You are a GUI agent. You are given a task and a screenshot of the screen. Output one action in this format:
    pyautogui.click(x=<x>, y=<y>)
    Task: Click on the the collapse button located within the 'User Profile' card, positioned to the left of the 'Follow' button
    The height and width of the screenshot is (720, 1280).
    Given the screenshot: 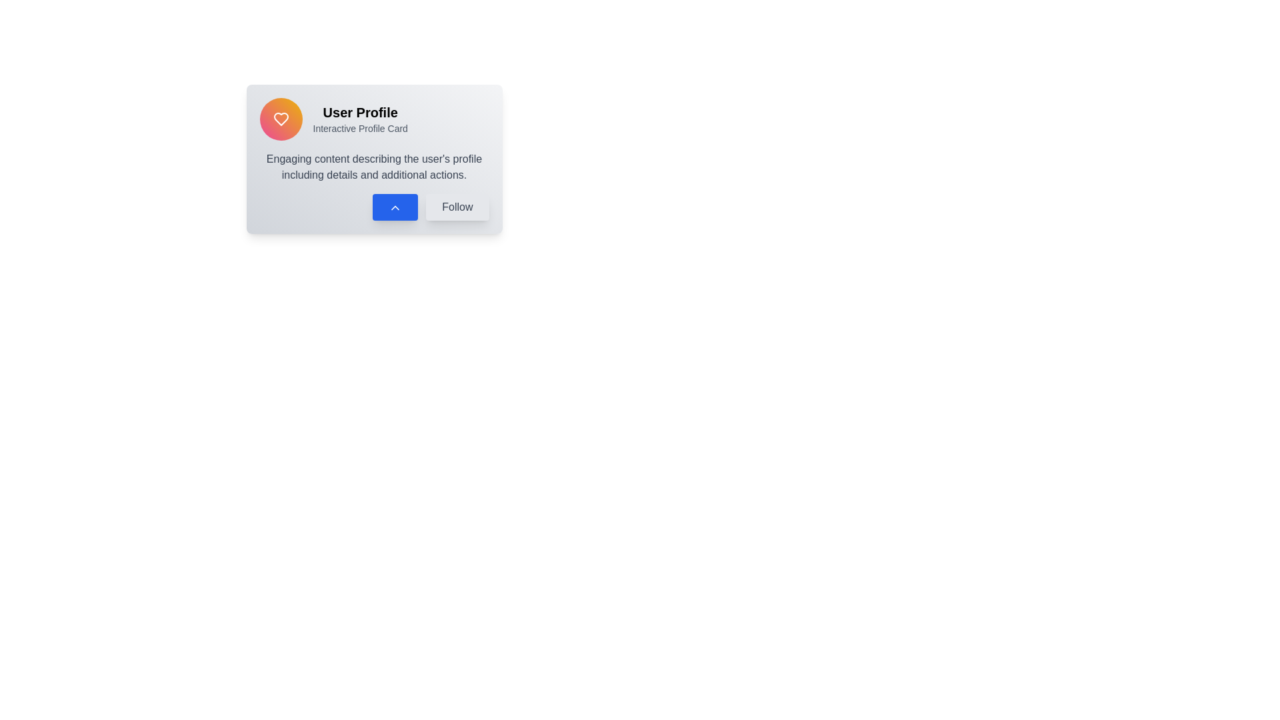 What is the action you would take?
    pyautogui.click(x=395, y=207)
    